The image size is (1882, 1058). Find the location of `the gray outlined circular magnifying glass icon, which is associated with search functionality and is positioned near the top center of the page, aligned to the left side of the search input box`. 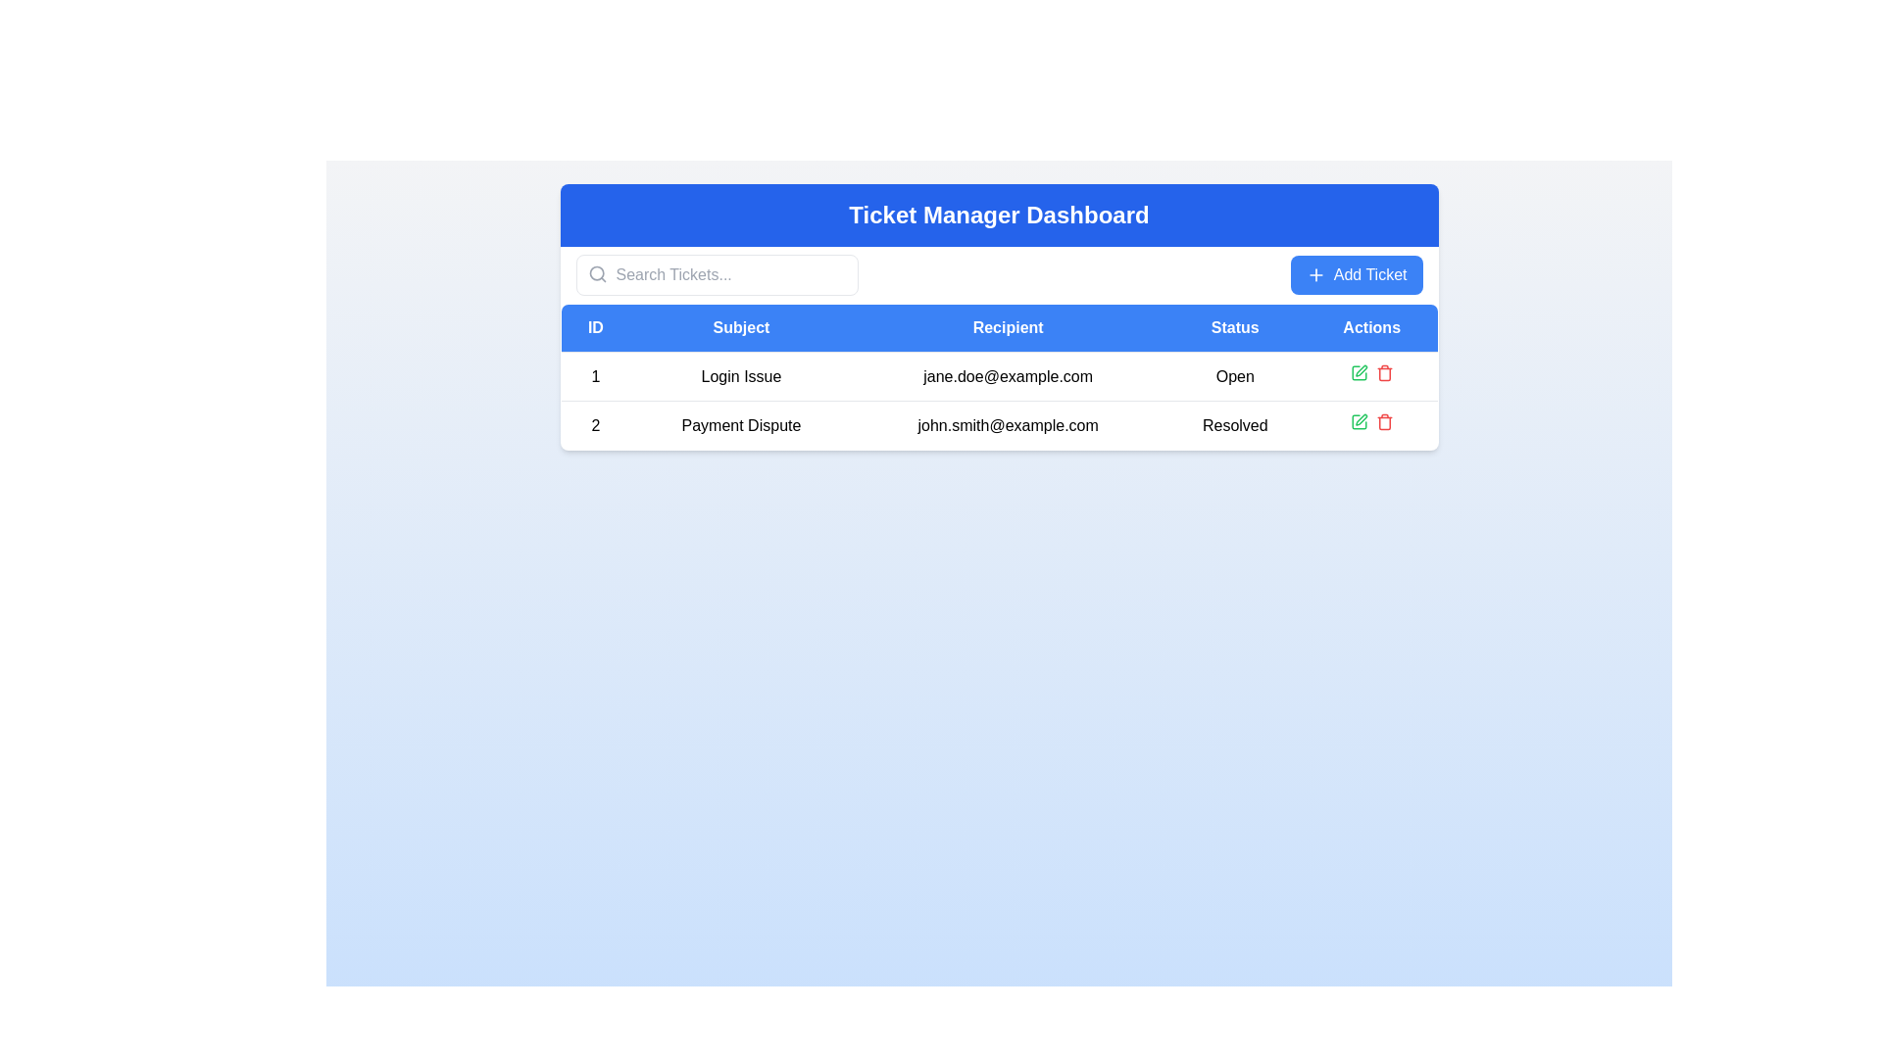

the gray outlined circular magnifying glass icon, which is associated with search functionality and is positioned near the top center of the page, aligned to the left side of the search input box is located at coordinates (596, 274).